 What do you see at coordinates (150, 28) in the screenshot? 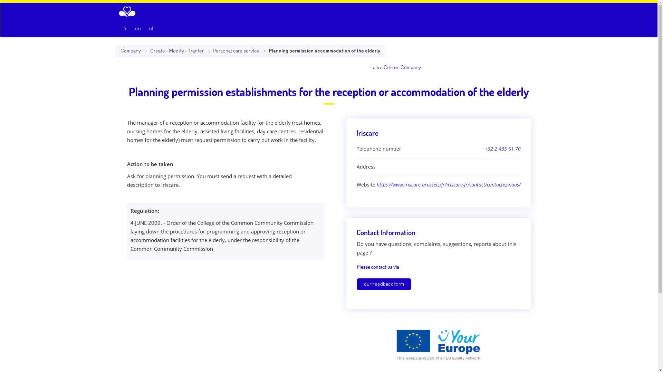
I see `'nl'` at bounding box center [150, 28].